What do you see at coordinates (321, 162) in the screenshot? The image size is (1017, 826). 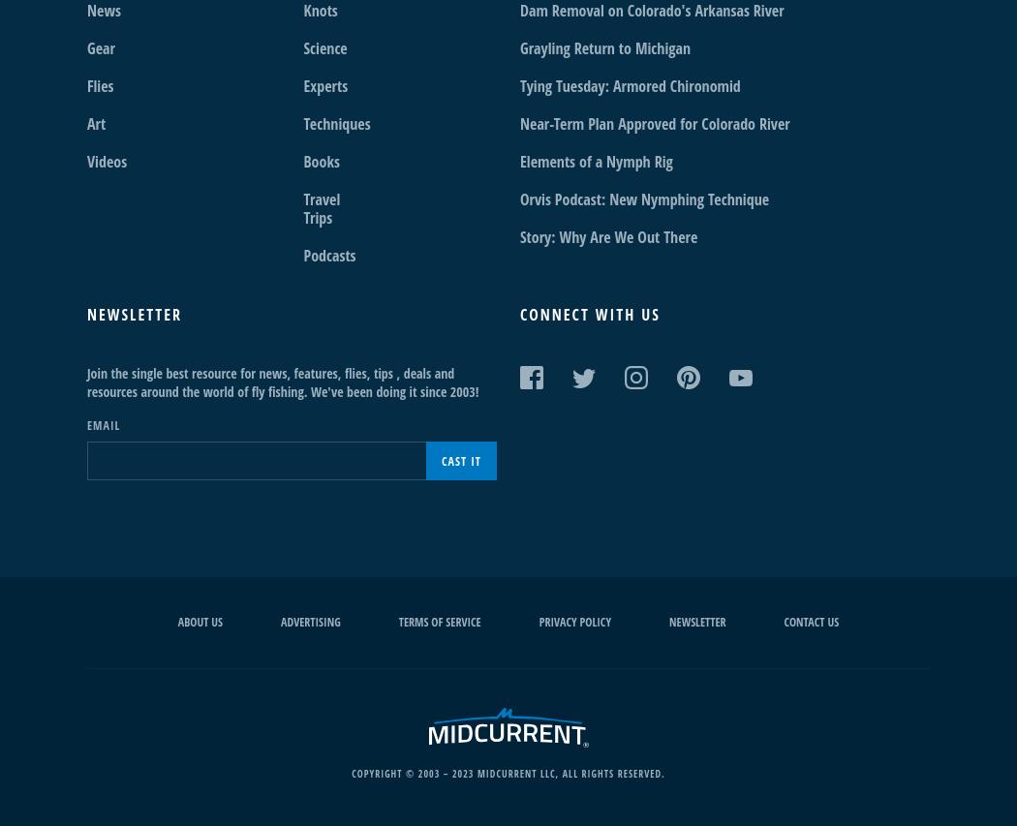 I see `'Books'` at bounding box center [321, 162].